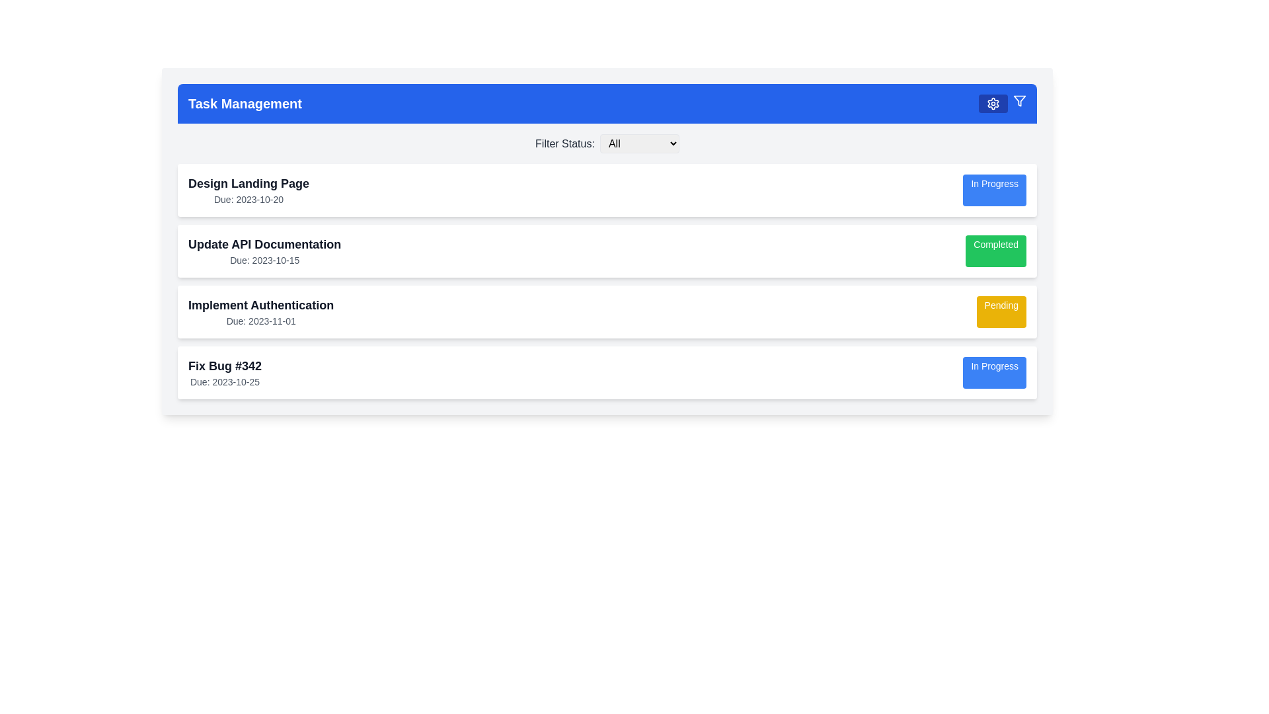 This screenshot has height=714, width=1269. What do you see at coordinates (639, 143) in the screenshot?
I see `an option from the dropdown menu labeled 'All' which has a light gray background and a black border, located below the blue header section of the interface` at bounding box center [639, 143].